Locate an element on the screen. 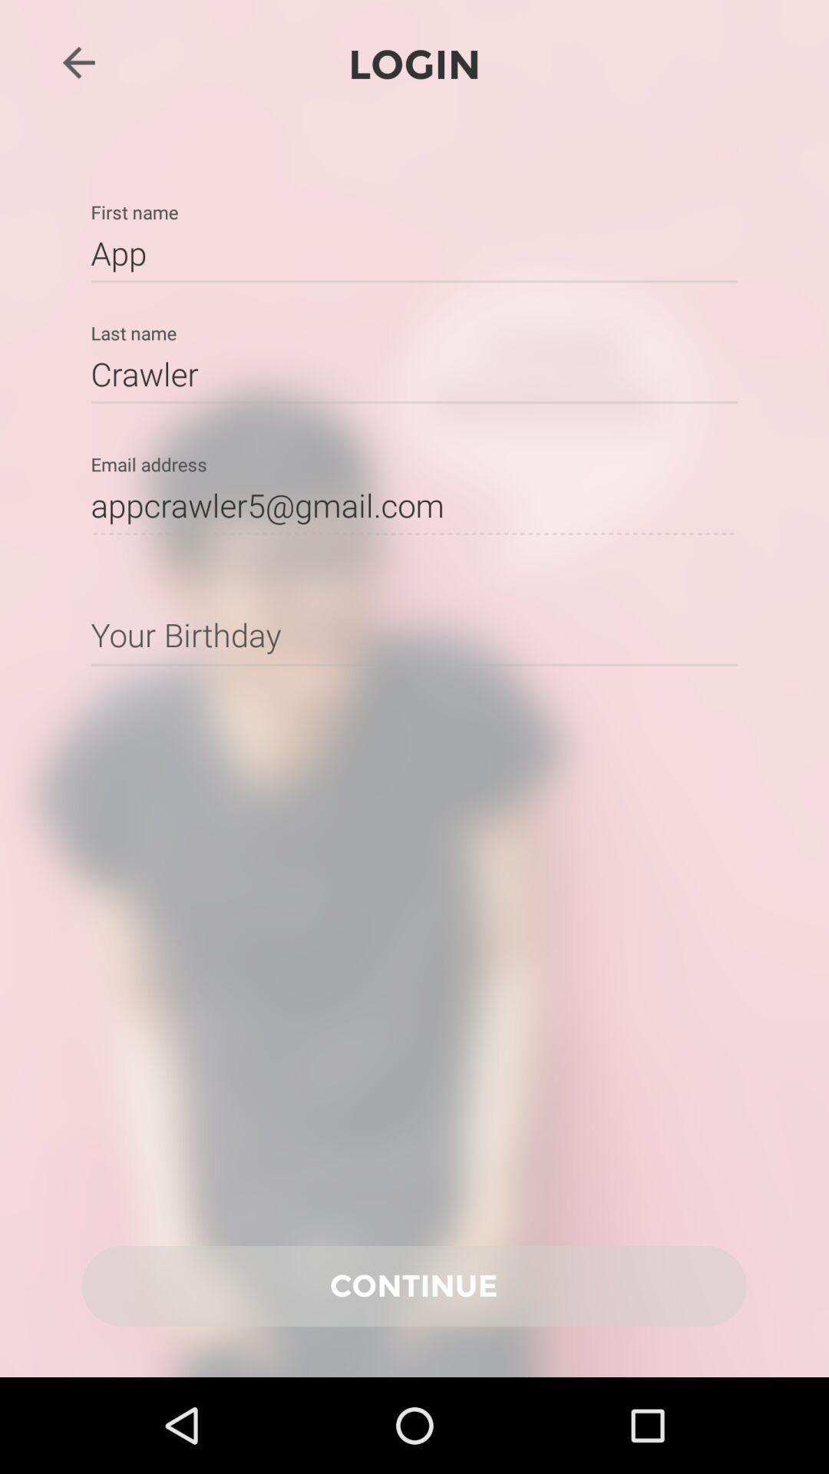  a select option is located at coordinates (414, 634).